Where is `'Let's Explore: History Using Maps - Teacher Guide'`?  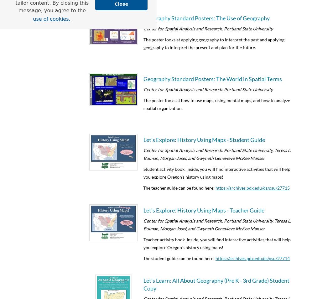 'Let's Explore: History Using Maps - Teacher Guide' is located at coordinates (203, 209).